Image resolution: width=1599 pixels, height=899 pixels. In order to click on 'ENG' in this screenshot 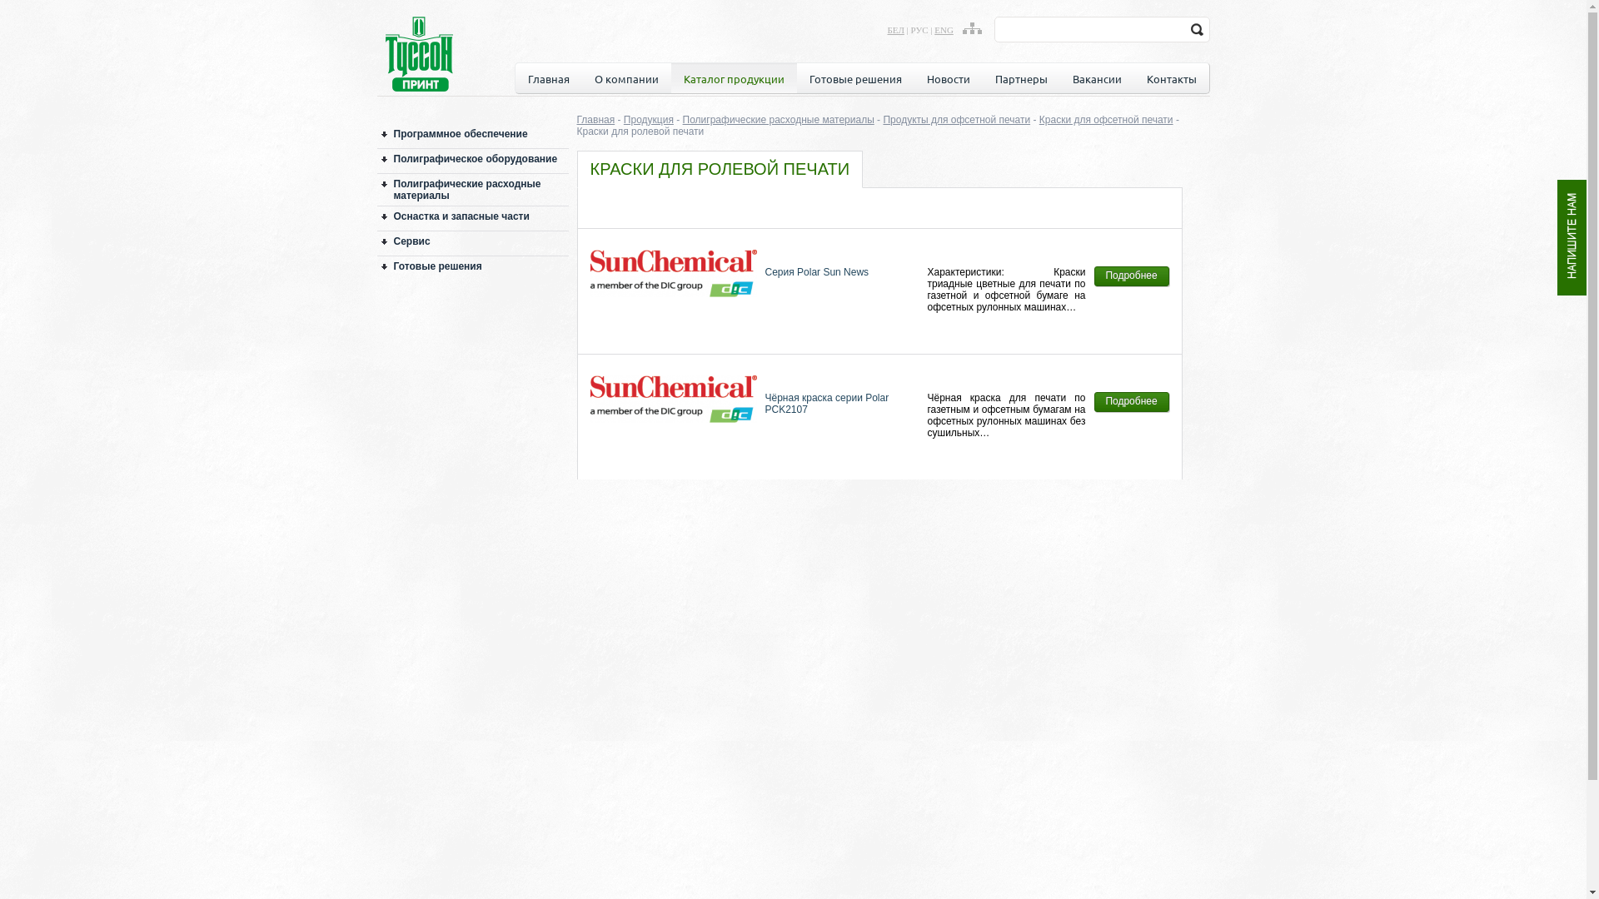, I will do `click(944, 29)`.